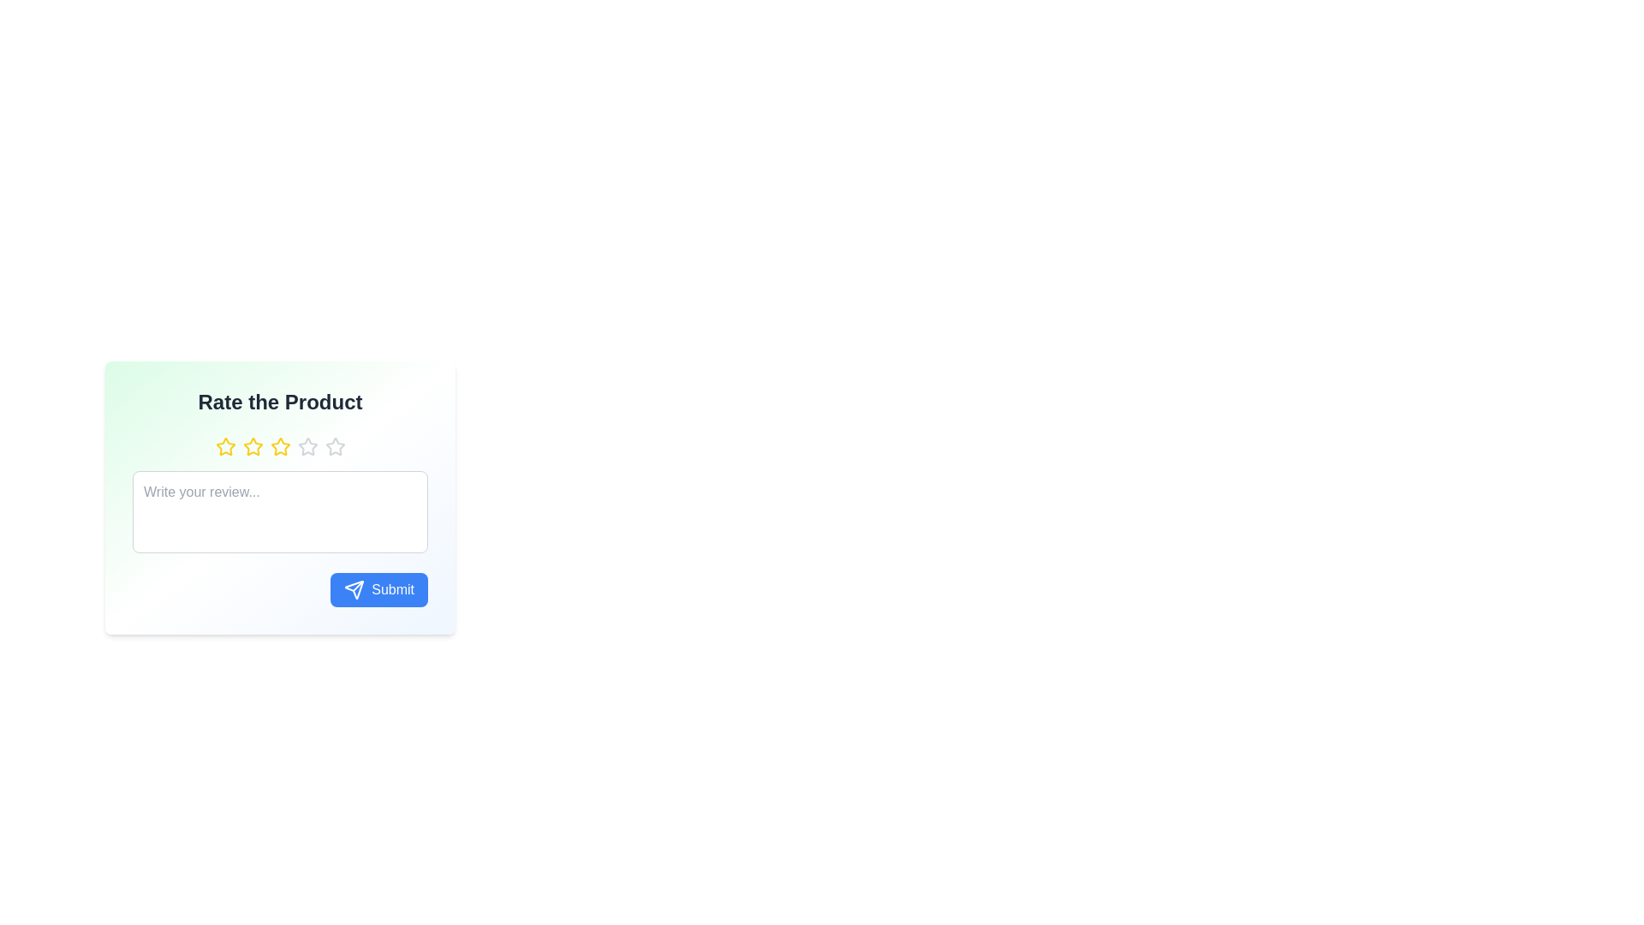 The height and width of the screenshot is (925, 1644). I want to click on the star corresponding to the desired rating, where the rating is specified as 4, so click(307, 445).